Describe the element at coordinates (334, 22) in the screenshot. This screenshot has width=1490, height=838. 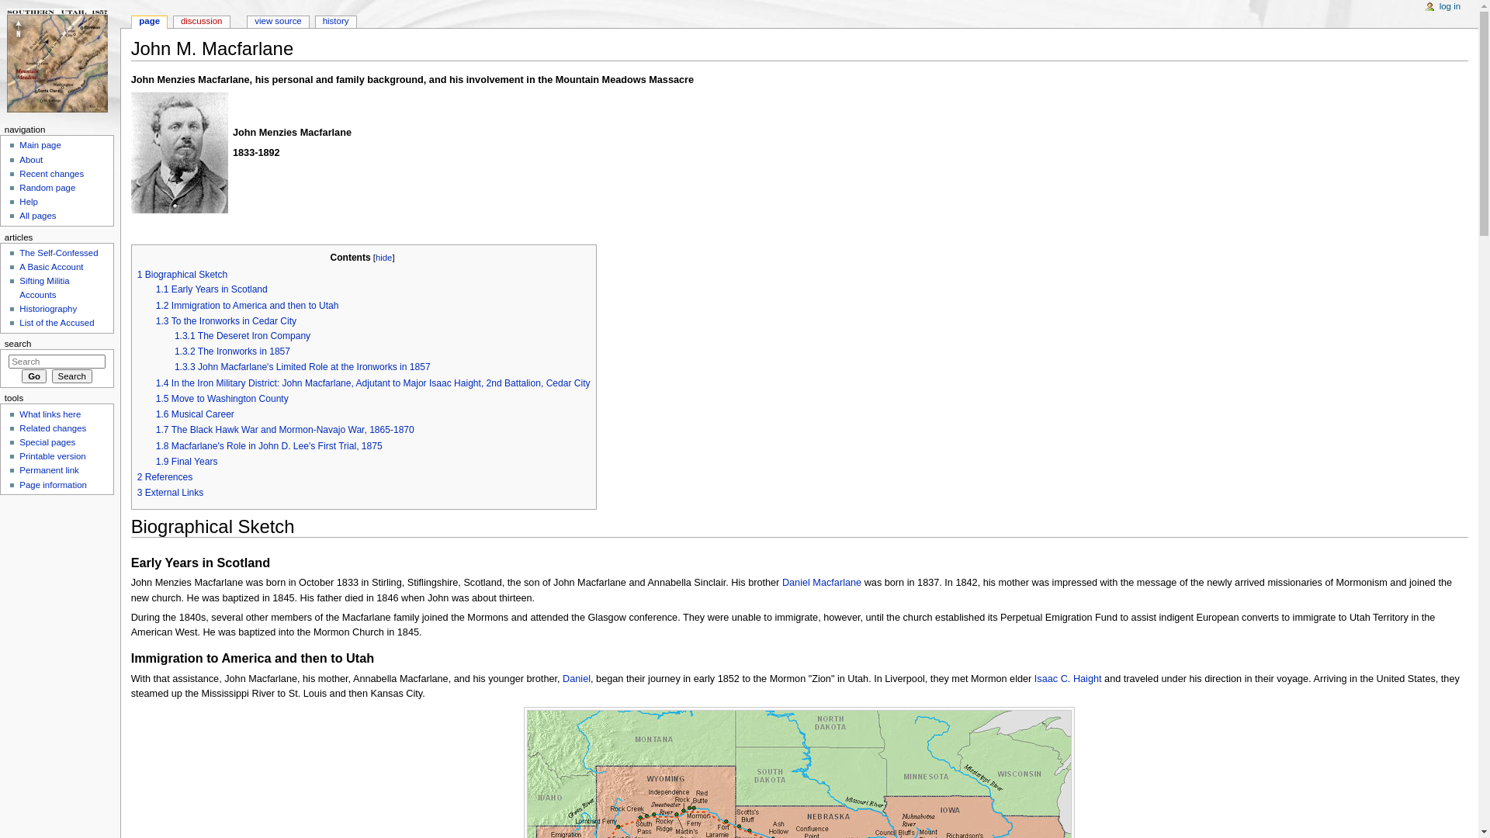
I see `'history'` at that location.